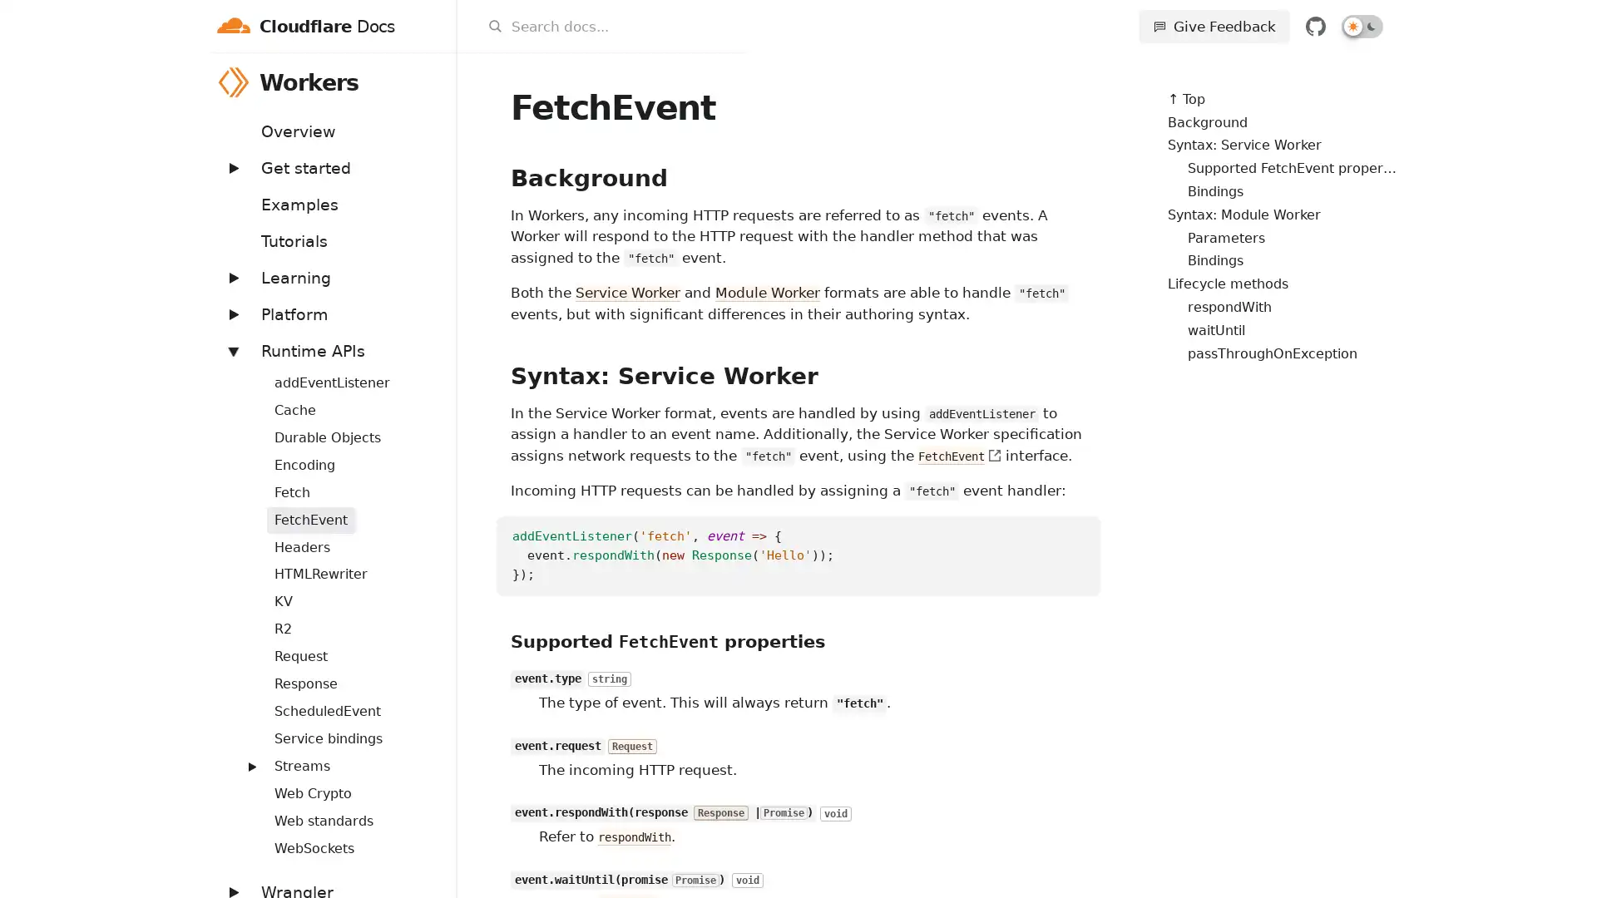 The width and height of the screenshot is (1597, 898). Describe the element at coordinates (242, 757) in the screenshot. I see `Expand: Workers Sites` at that location.